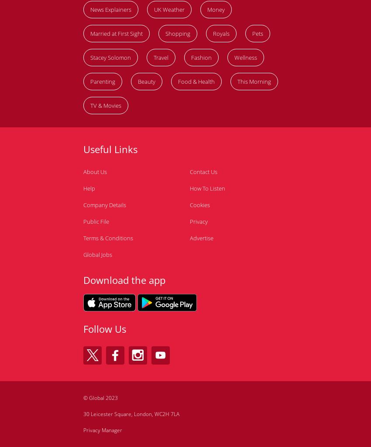 The image size is (371, 447). I want to click on 'TV & Movies', so click(106, 104).